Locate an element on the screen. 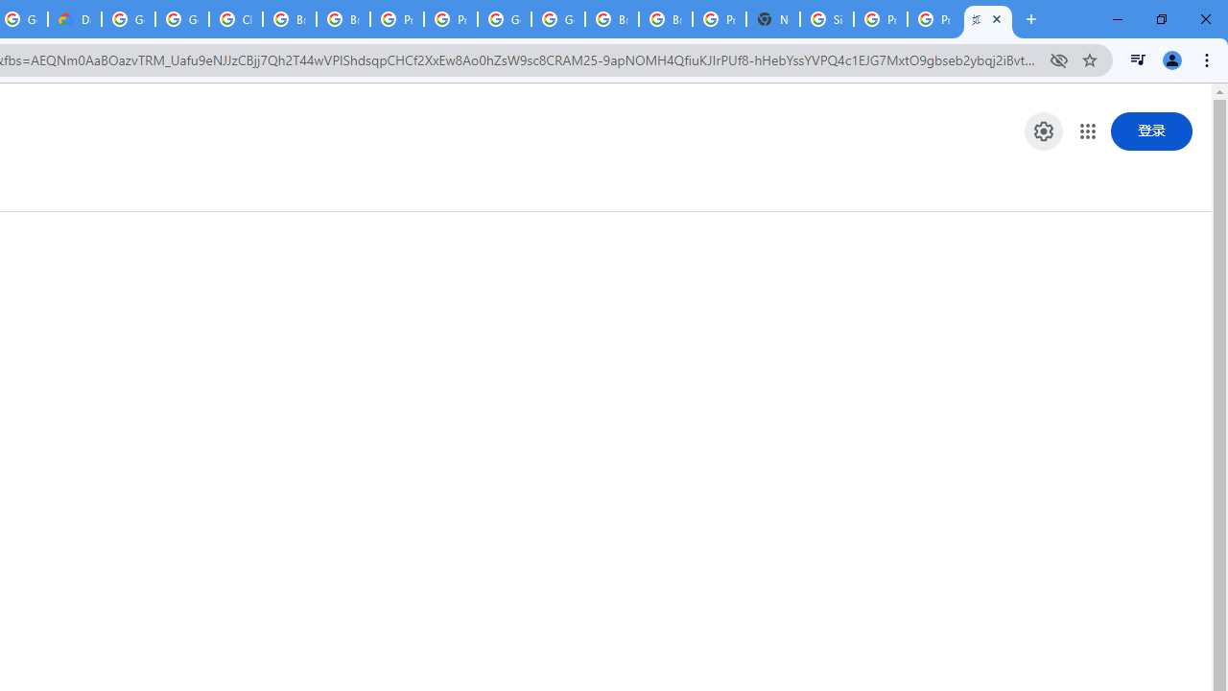  'Google Cloud Platform' is located at coordinates (505, 19).